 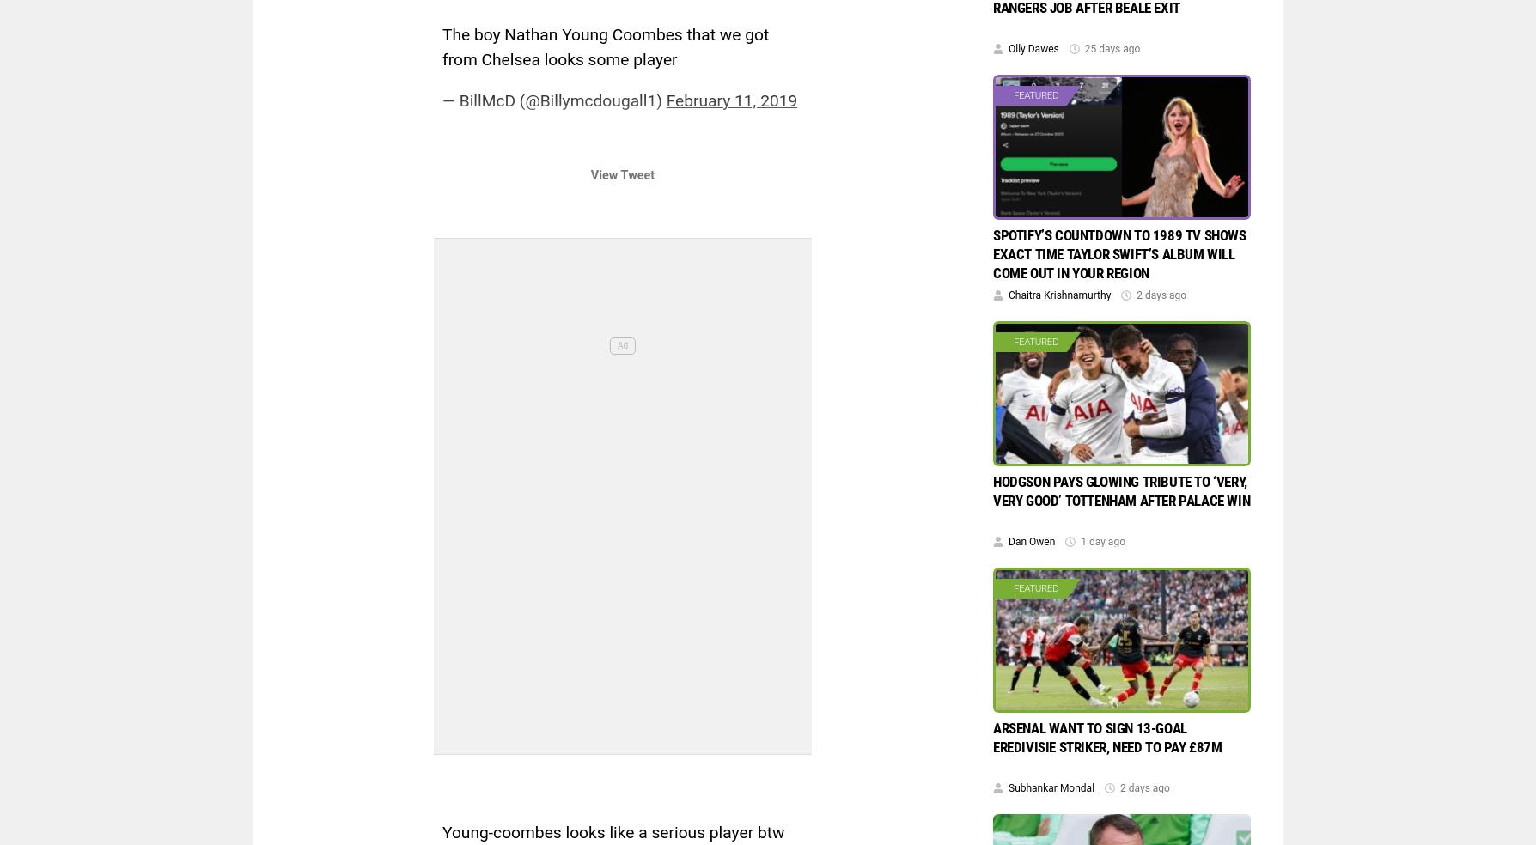 I want to click on 'Spotify’s countdown to 1989 TV shows exact time Taylor Swift’s album will come out in your region', so click(x=1118, y=252).